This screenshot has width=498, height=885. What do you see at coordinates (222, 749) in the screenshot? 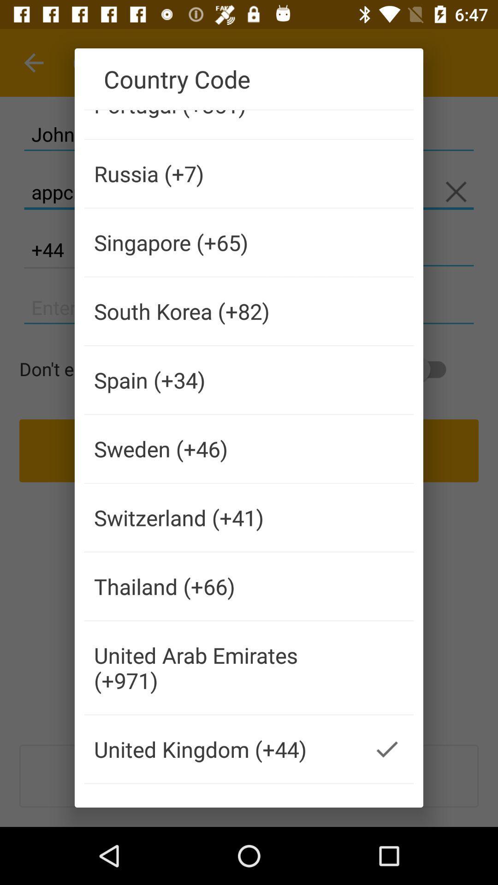
I see `the icon below united arab emirates item` at bounding box center [222, 749].